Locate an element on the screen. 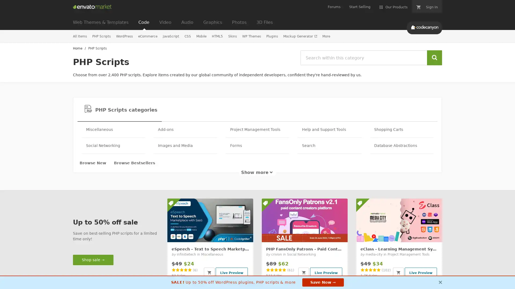 Image resolution: width=515 pixels, height=289 pixels. Add to collection is located at coordinates (326, 234).